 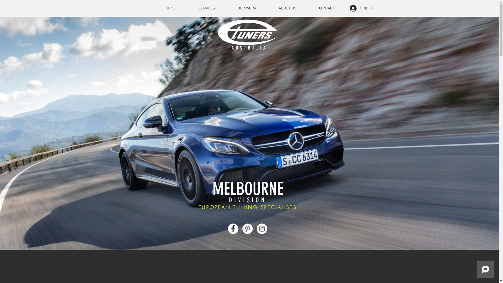 I want to click on 'ABOUT US', so click(x=267, y=8).